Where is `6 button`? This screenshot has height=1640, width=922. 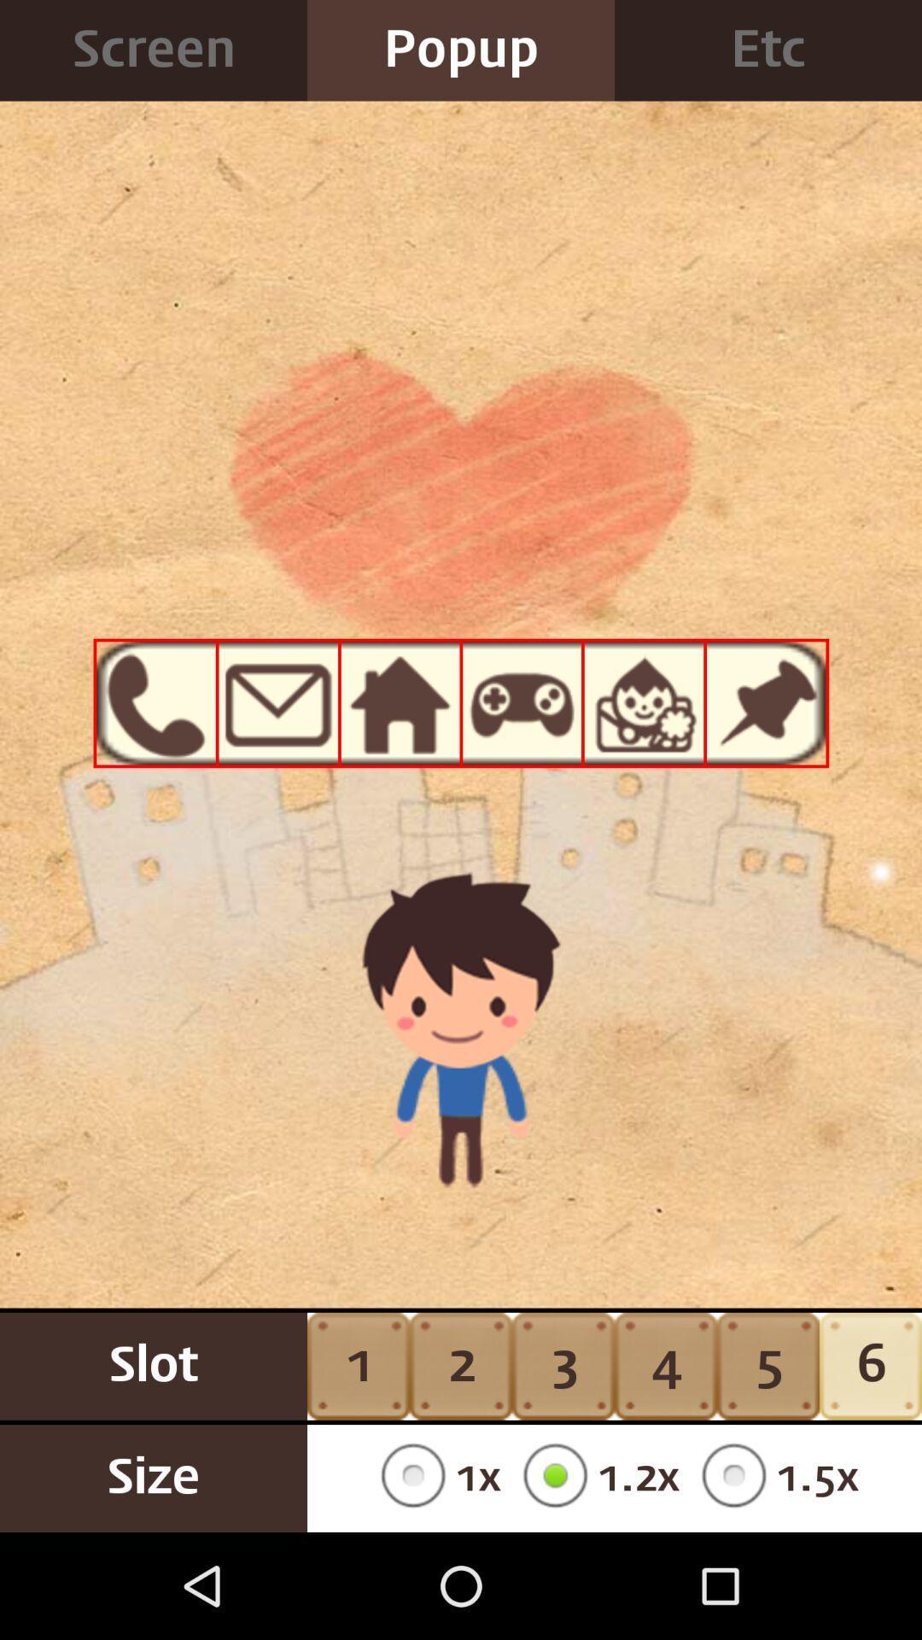 6 button is located at coordinates (870, 1365).